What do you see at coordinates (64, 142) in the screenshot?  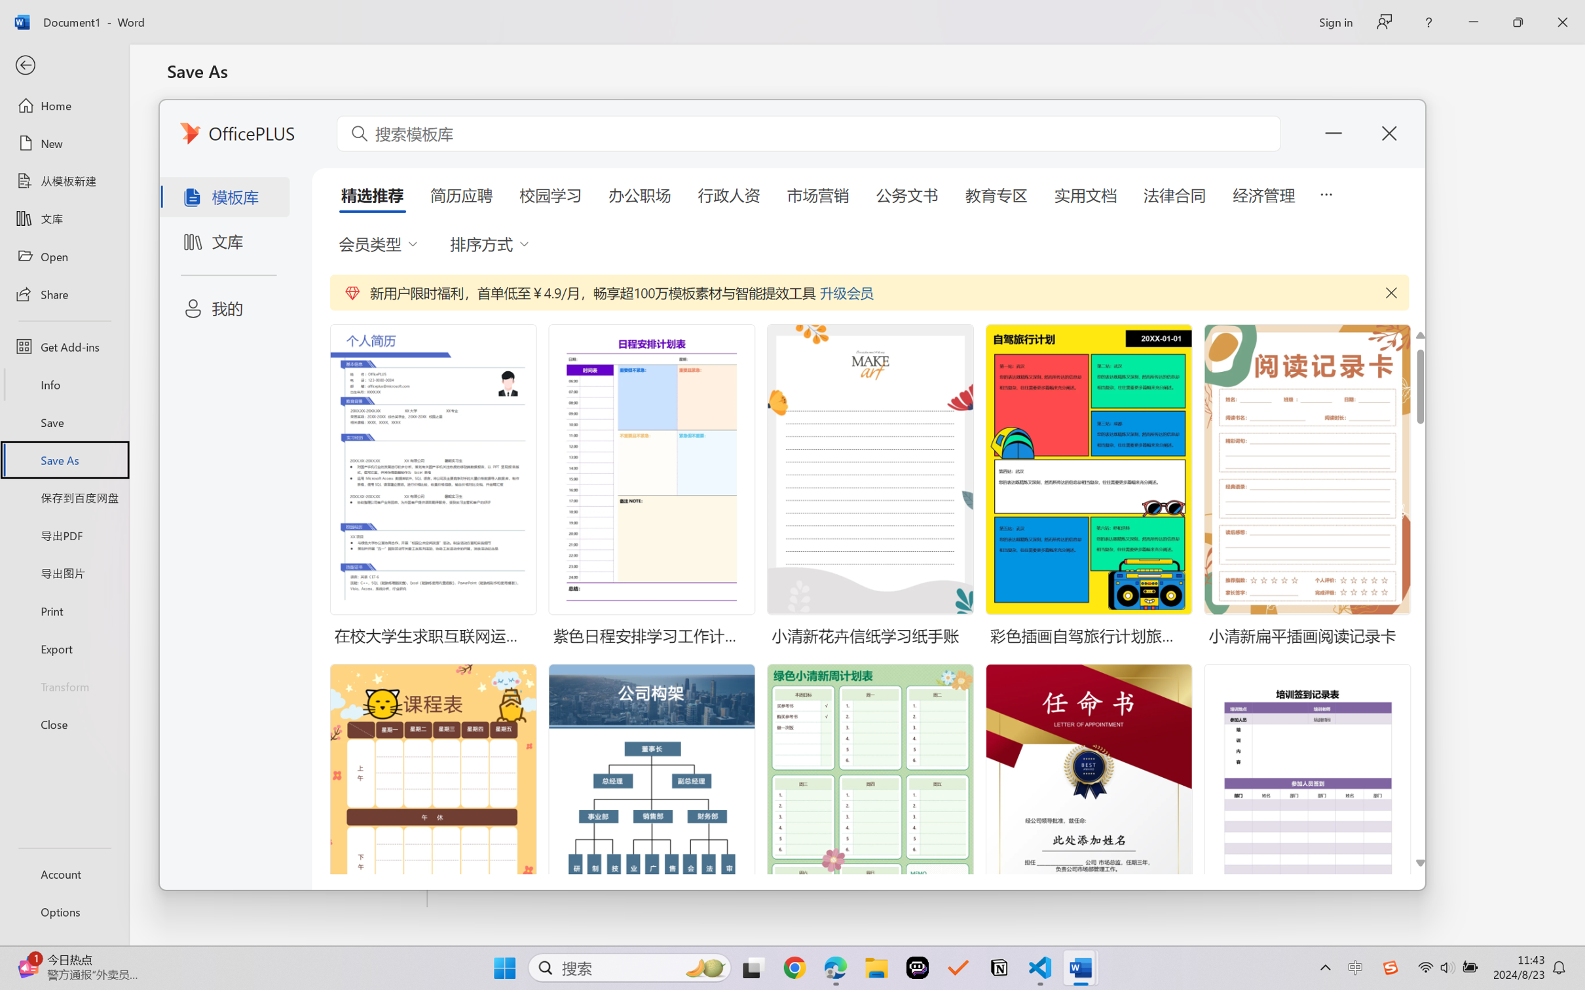 I see `'New'` at bounding box center [64, 142].